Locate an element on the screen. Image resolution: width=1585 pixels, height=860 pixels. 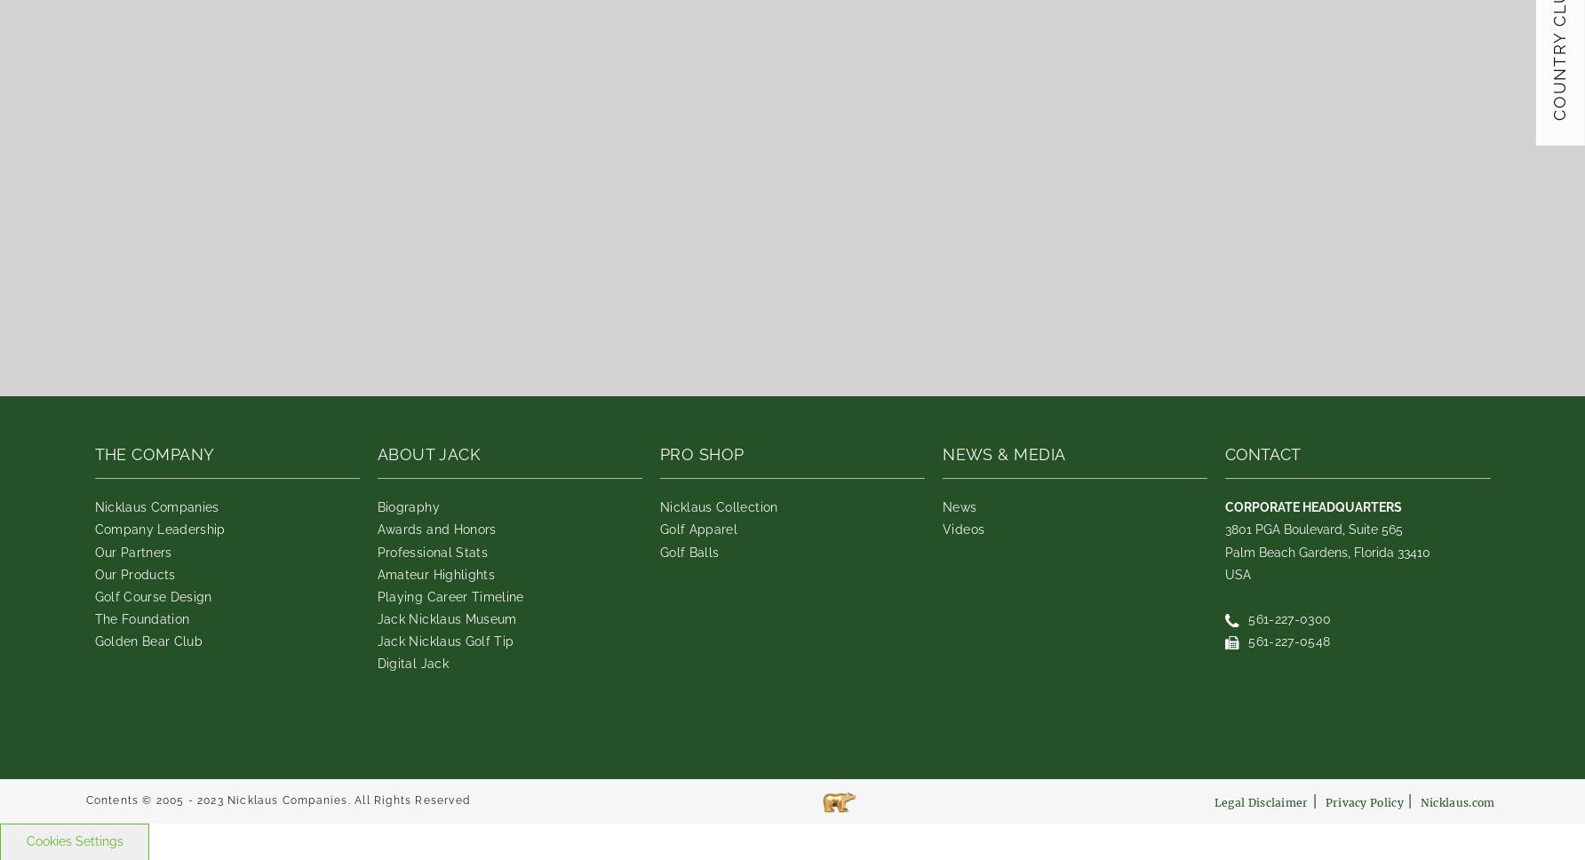
'Company Leadership' is located at coordinates (158, 529).